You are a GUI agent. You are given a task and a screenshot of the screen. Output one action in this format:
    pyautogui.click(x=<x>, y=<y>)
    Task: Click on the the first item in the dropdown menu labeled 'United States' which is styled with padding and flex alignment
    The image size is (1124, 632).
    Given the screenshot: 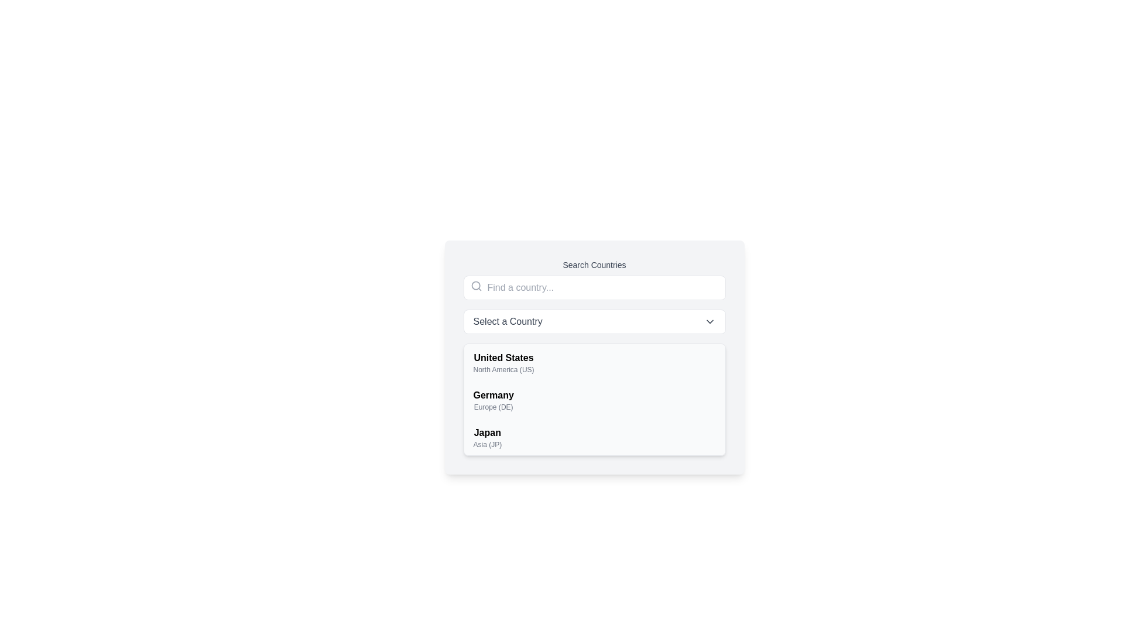 What is the action you would take?
    pyautogui.click(x=594, y=362)
    